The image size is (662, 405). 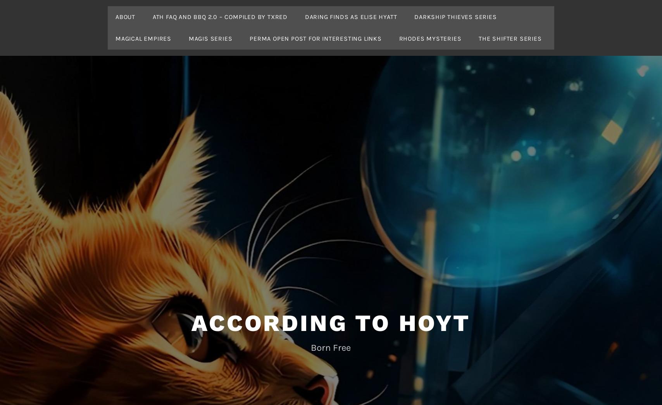 I want to click on 'Daring Finds as Elise Hyatt', so click(x=351, y=16).